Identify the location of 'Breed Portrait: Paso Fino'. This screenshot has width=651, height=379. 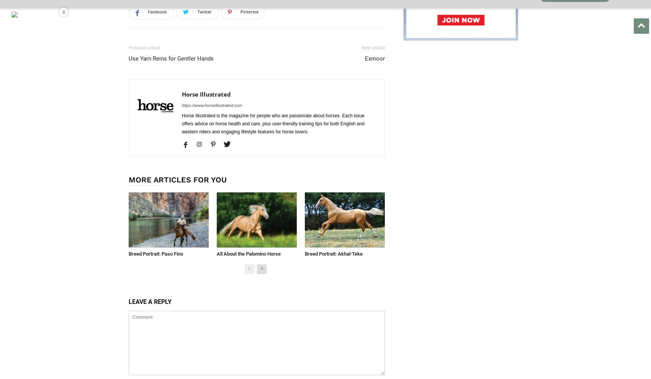
(155, 253).